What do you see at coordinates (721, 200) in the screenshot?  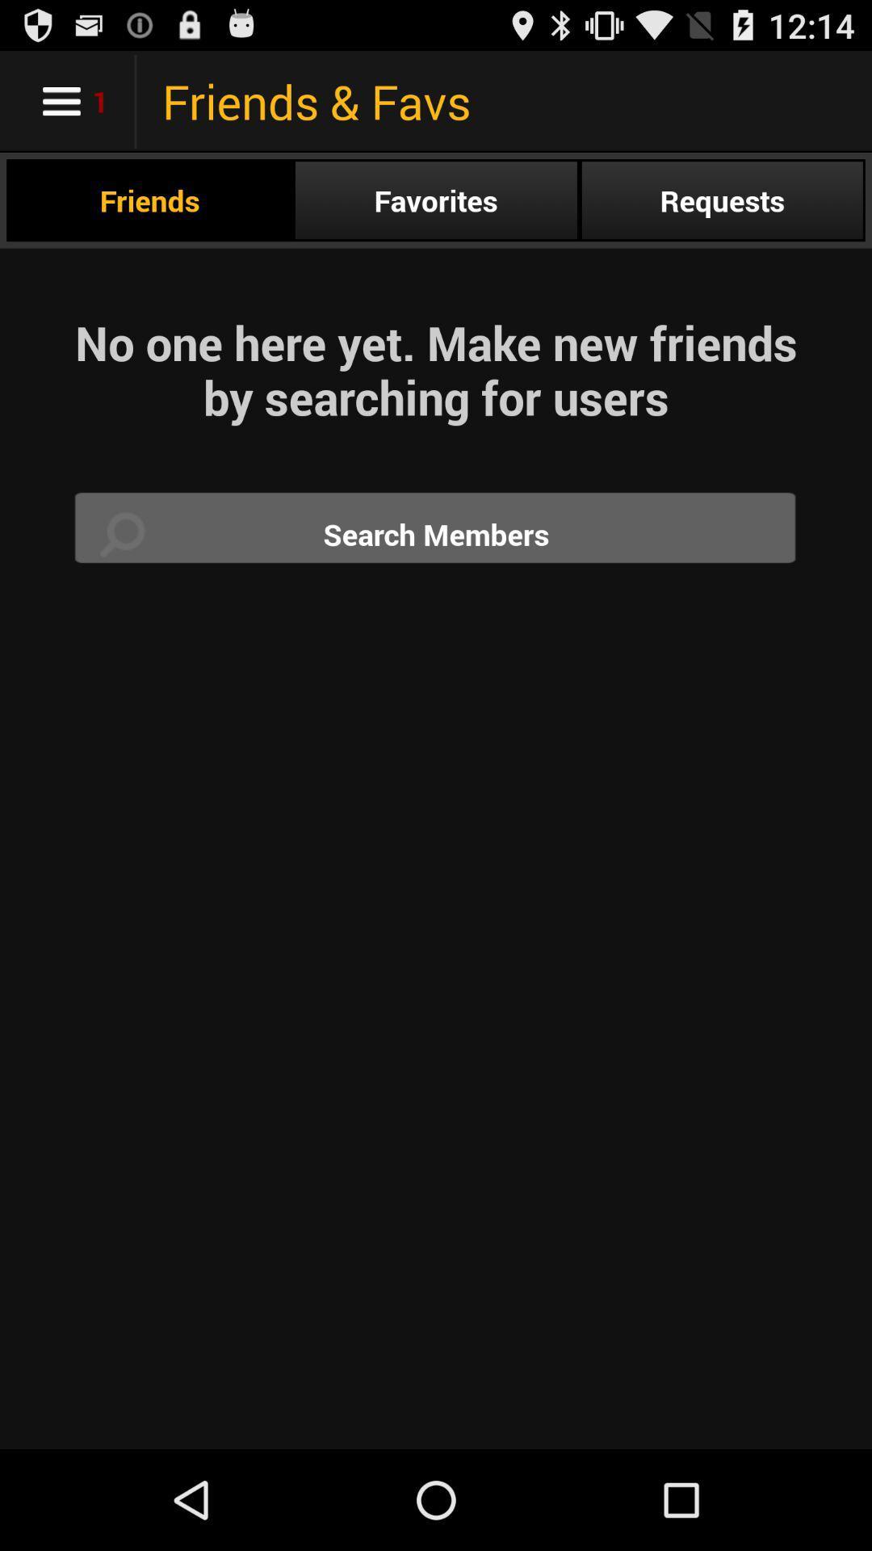 I see `radio button to the right of favorites radio button` at bounding box center [721, 200].